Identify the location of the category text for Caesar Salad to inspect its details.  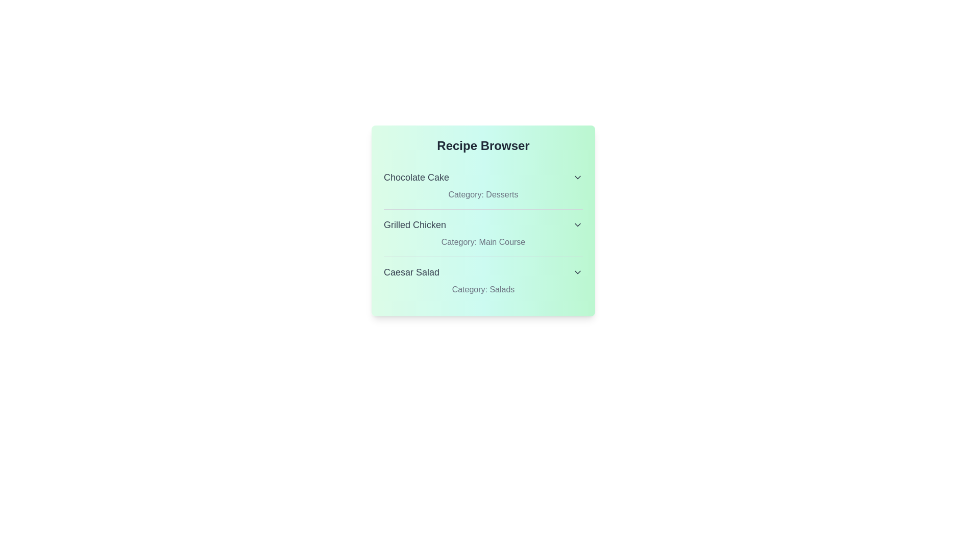
(482, 289).